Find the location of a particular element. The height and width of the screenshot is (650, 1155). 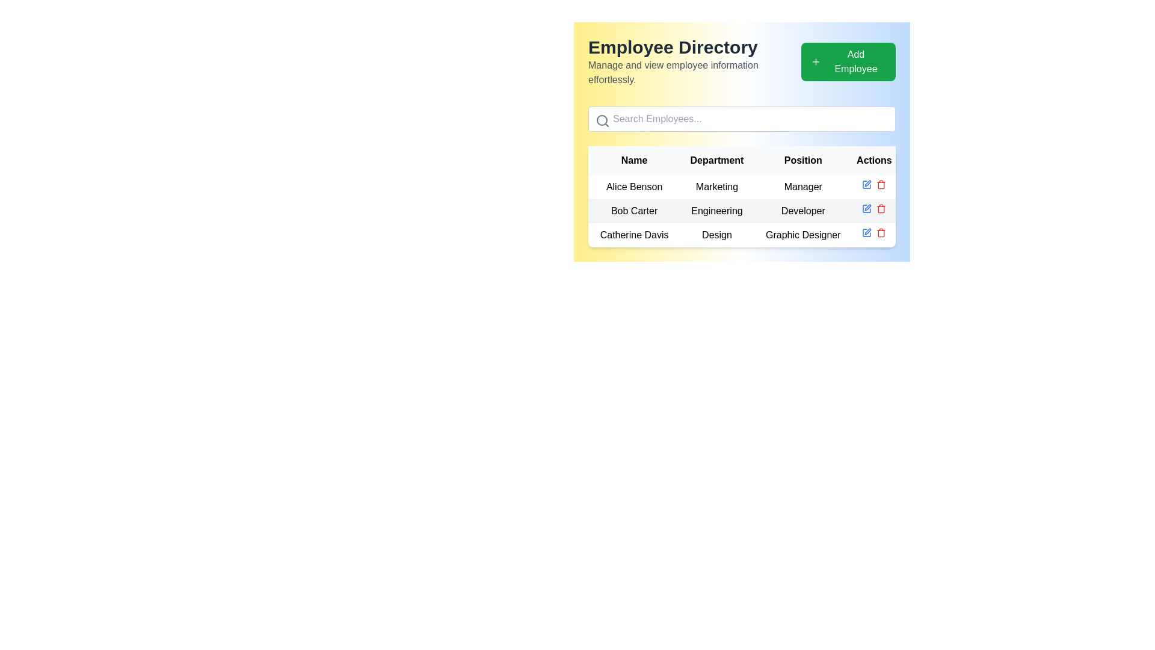

the 'Employee Directory' text block, which features a bold heading and a smaller subheading, located in the top-left portion of a yellow-background area is located at coordinates (694, 62).